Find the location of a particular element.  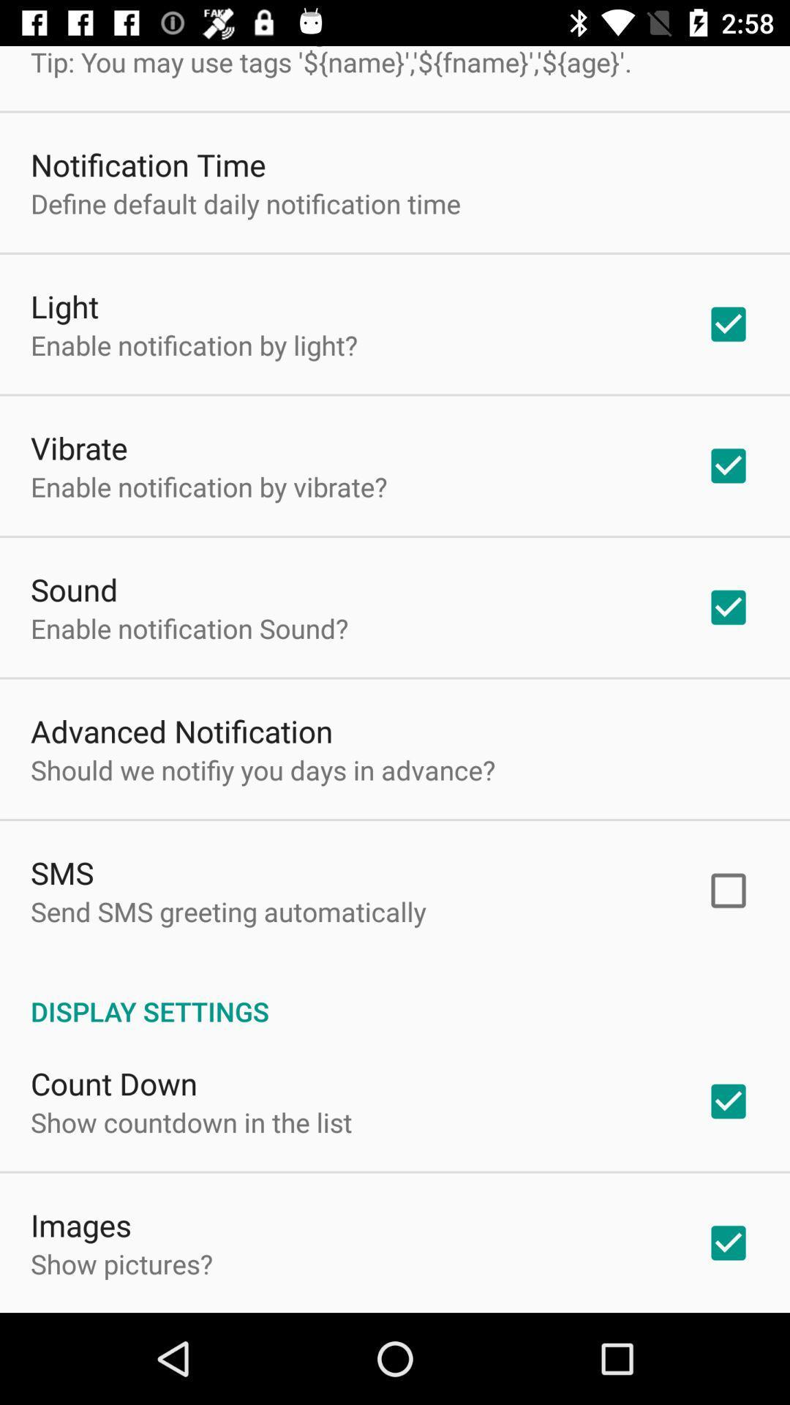

the should we notifiy app is located at coordinates (262, 769).